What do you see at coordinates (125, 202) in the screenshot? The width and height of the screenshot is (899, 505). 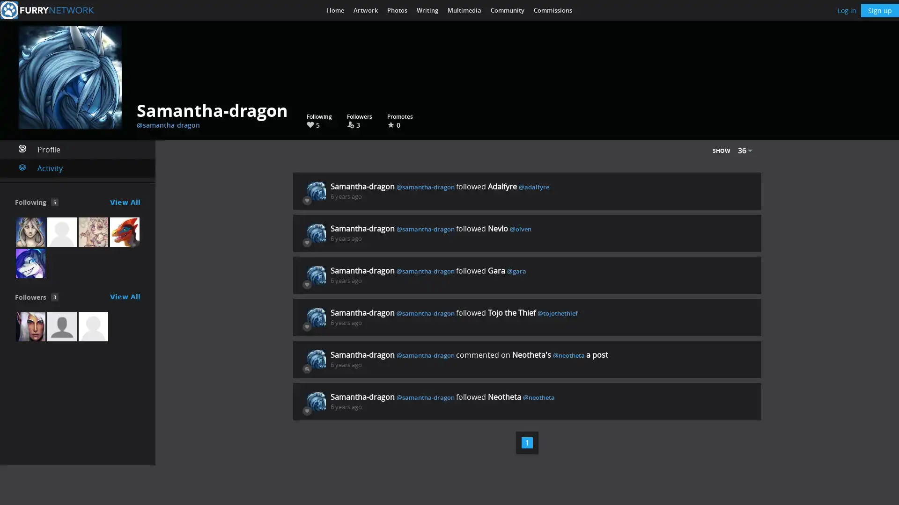 I see `View All` at bounding box center [125, 202].